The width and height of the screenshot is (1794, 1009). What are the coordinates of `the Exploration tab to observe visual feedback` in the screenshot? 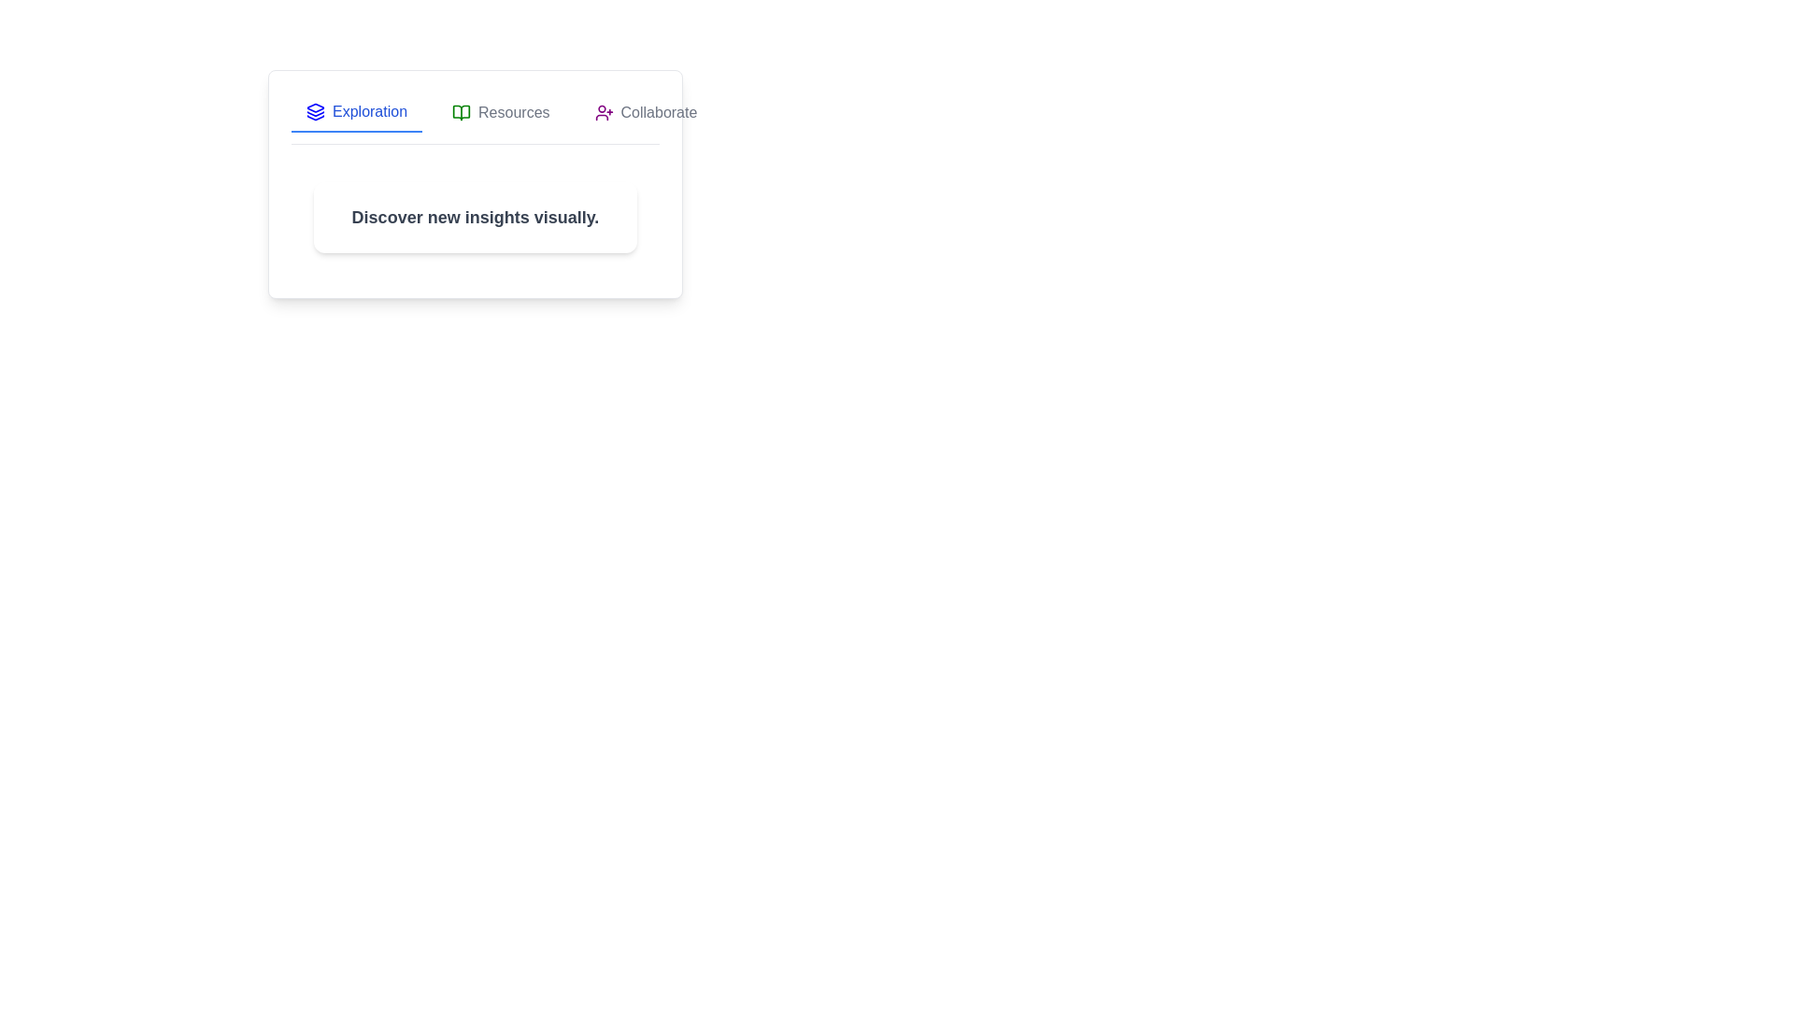 It's located at (357, 112).